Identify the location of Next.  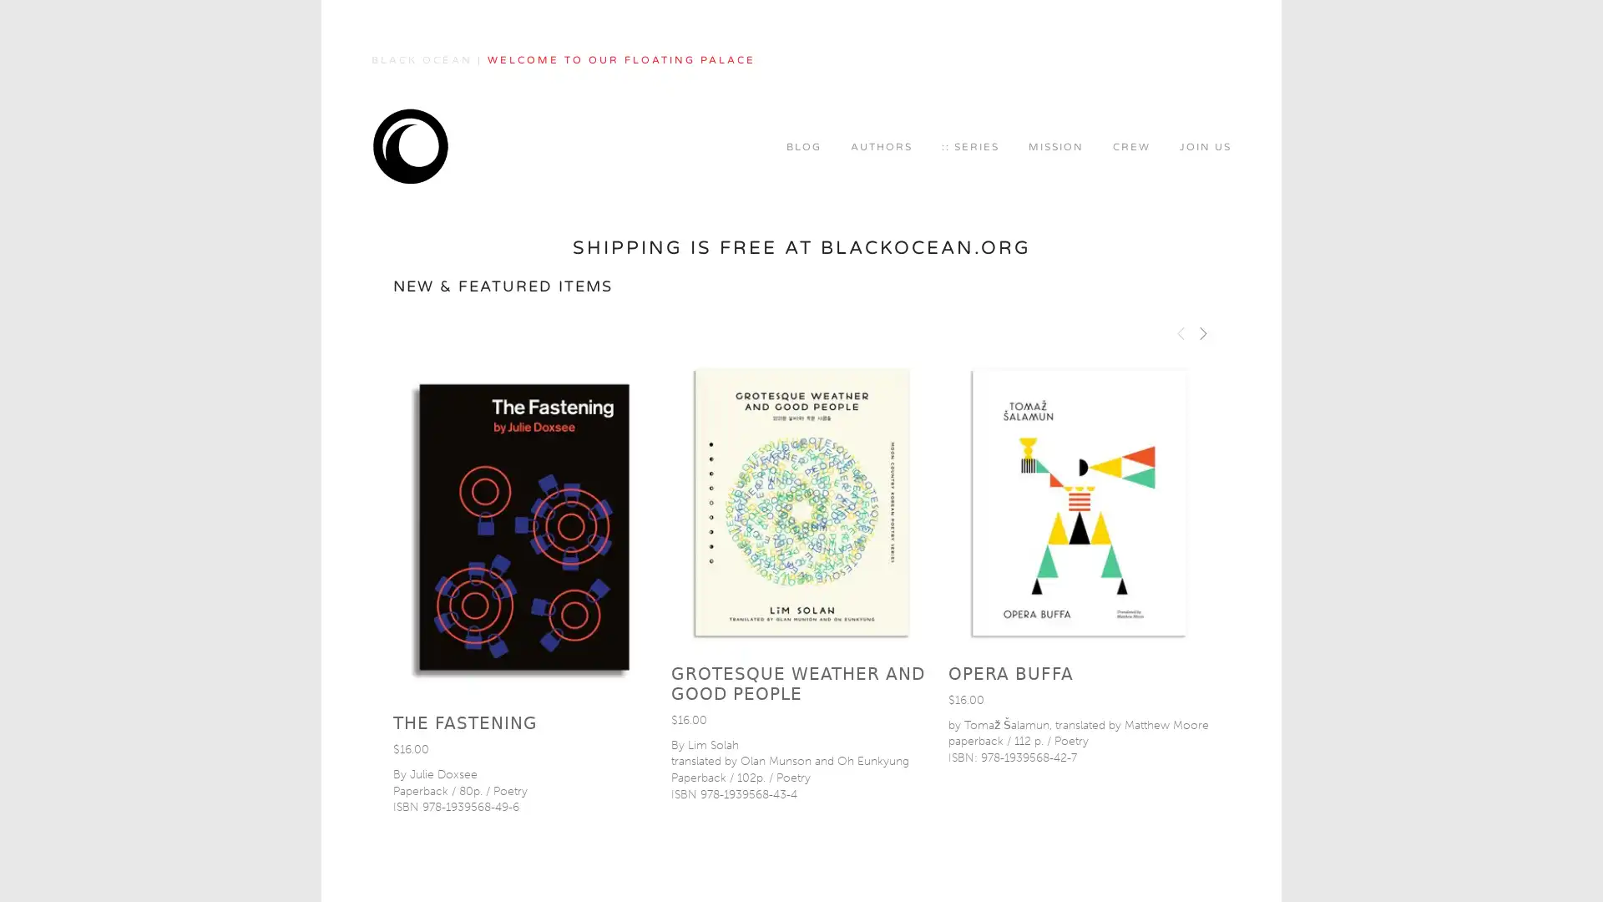
(1202, 332).